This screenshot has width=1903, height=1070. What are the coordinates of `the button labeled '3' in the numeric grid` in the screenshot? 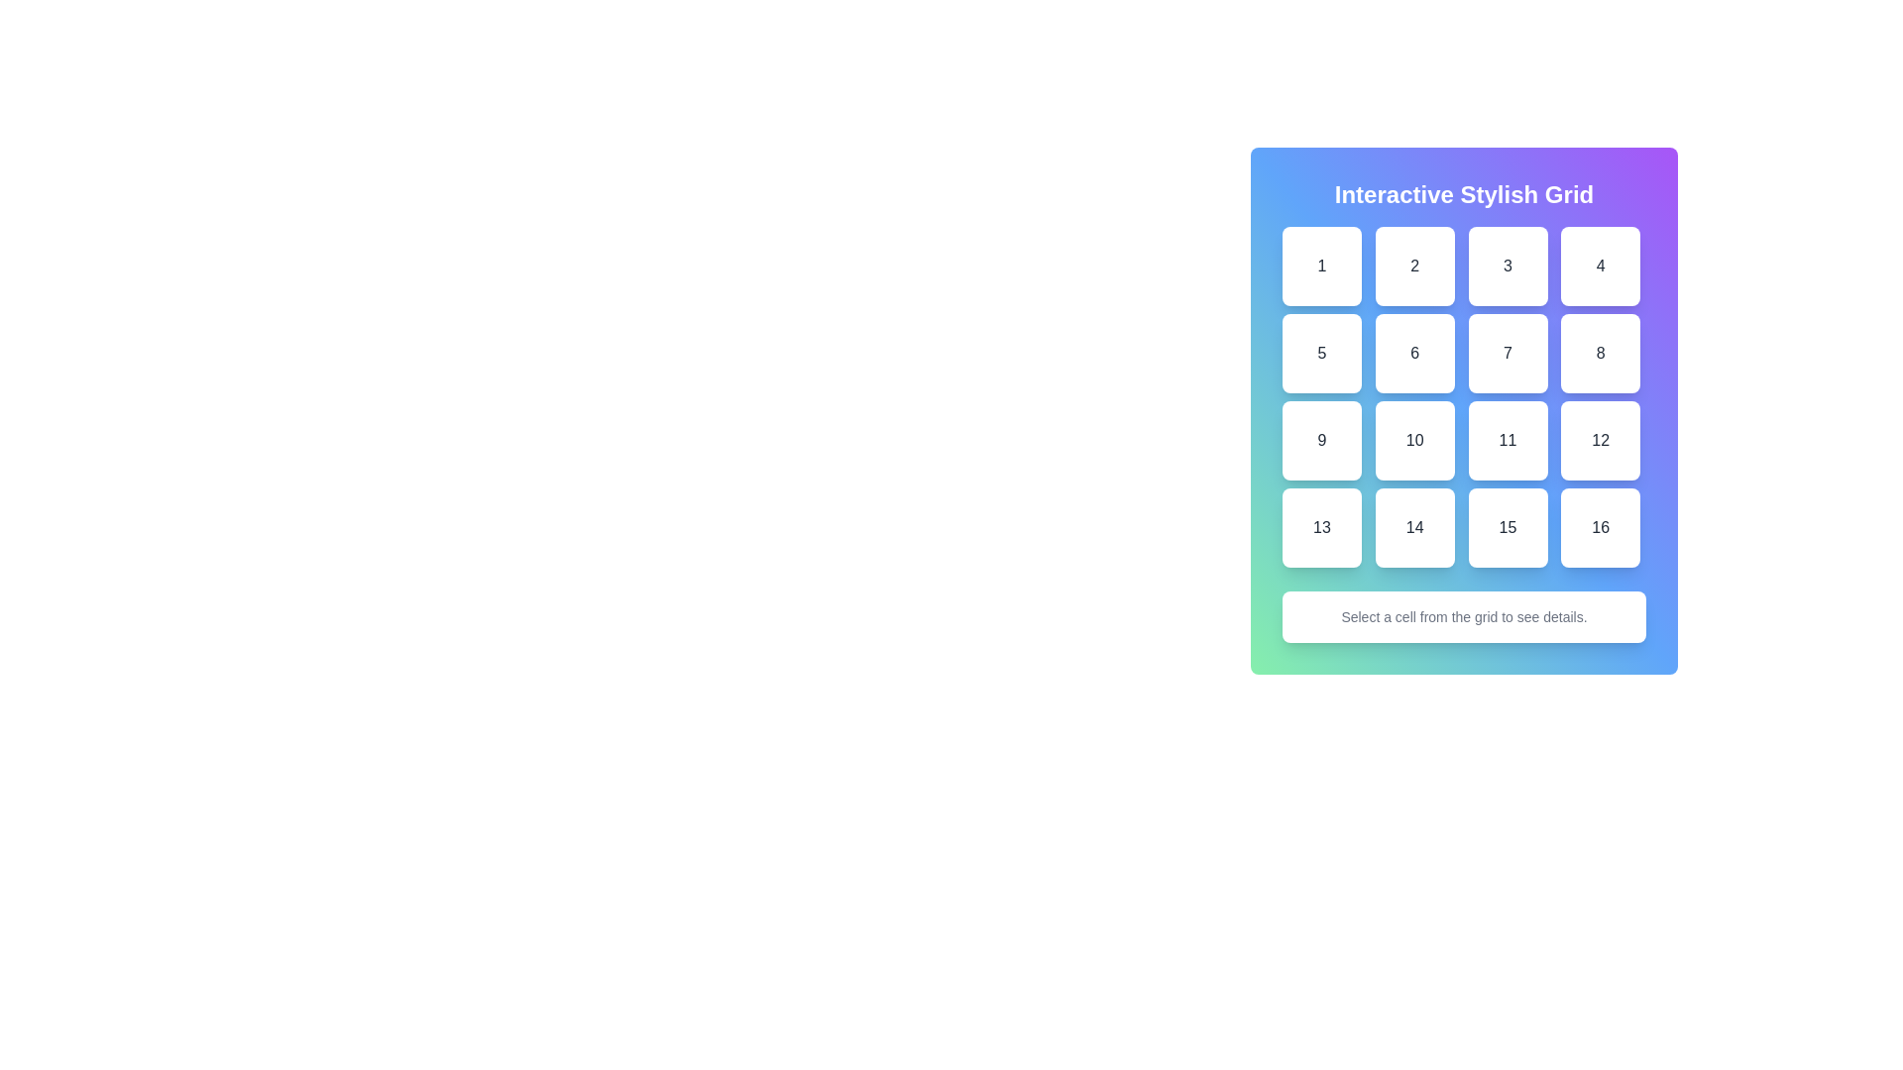 It's located at (1507, 266).